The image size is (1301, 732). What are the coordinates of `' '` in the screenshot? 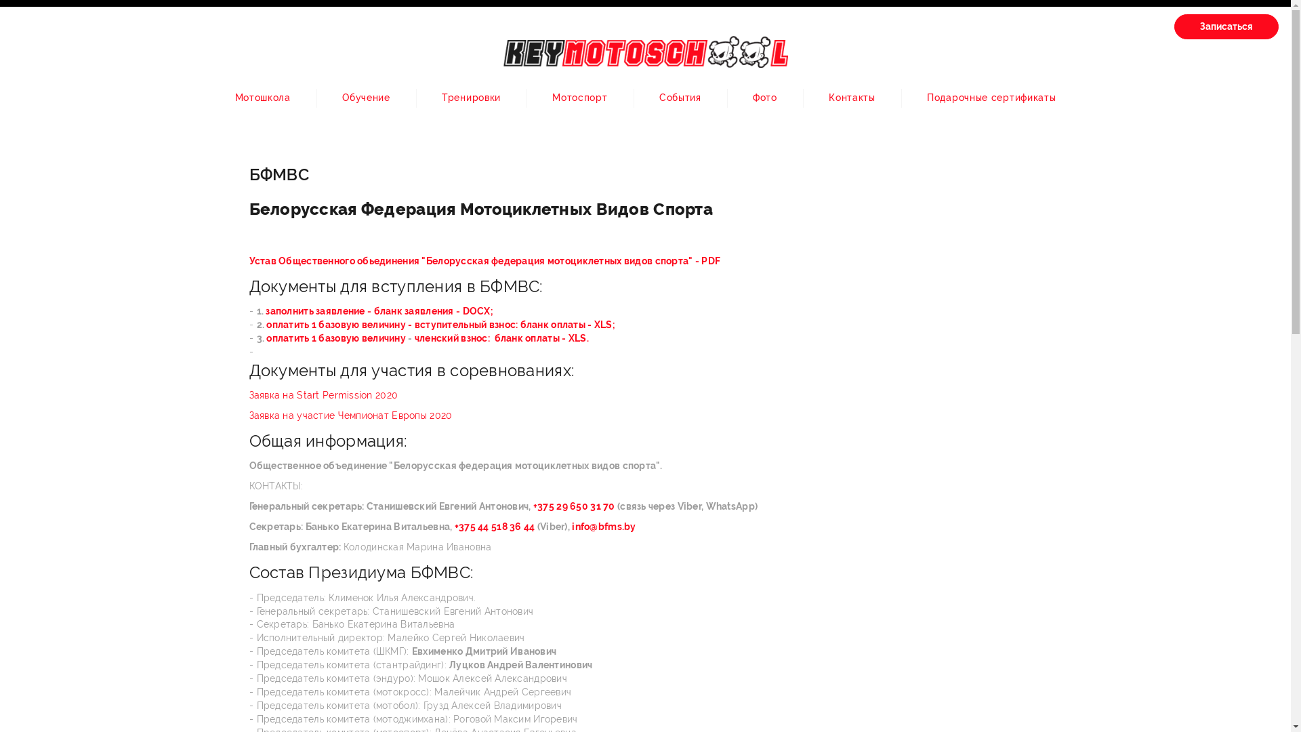 It's located at (569, 525).